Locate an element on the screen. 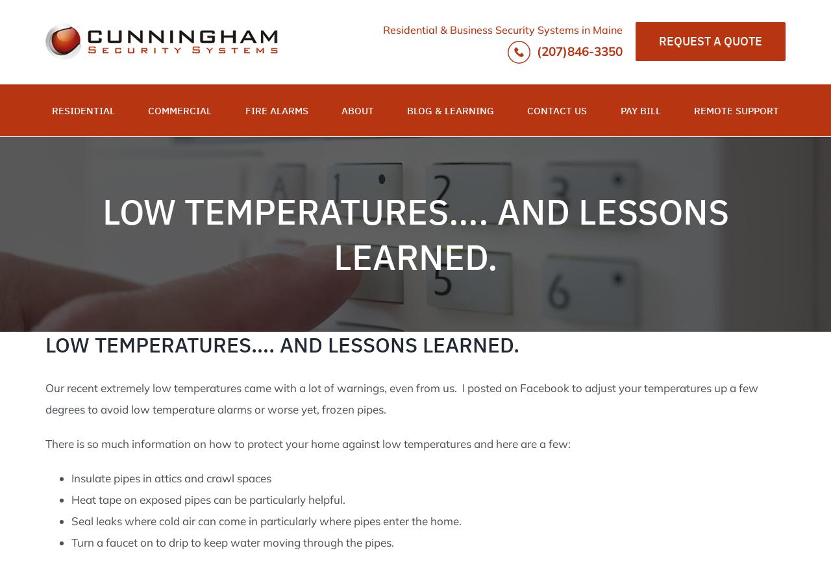 This screenshot has height=570, width=831. 'ABOUT' is located at coordinates (357, 110).